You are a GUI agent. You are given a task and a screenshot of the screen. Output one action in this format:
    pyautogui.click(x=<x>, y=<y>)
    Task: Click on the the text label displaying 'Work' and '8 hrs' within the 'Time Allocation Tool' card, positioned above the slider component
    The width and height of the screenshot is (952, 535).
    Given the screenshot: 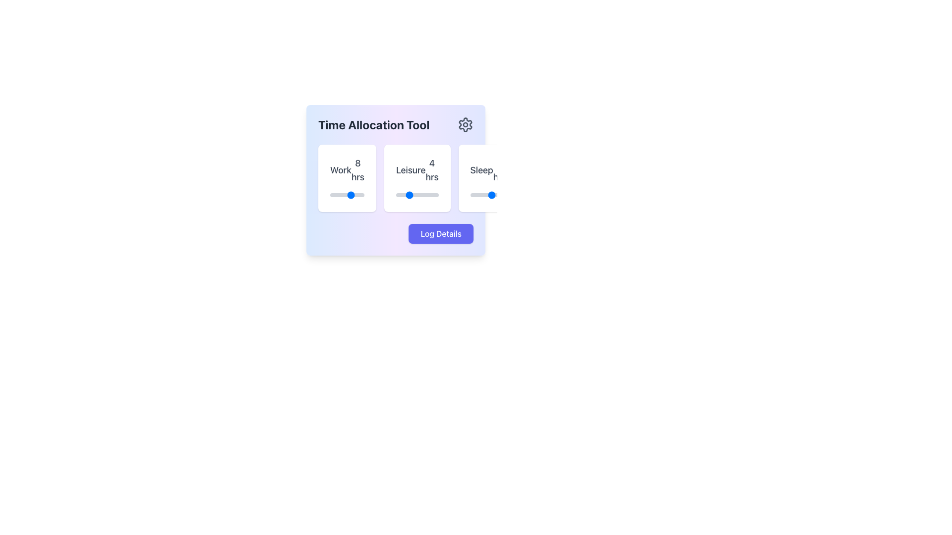 What is the action you would take?
    pyautogui.click(x=347, y=169)
    